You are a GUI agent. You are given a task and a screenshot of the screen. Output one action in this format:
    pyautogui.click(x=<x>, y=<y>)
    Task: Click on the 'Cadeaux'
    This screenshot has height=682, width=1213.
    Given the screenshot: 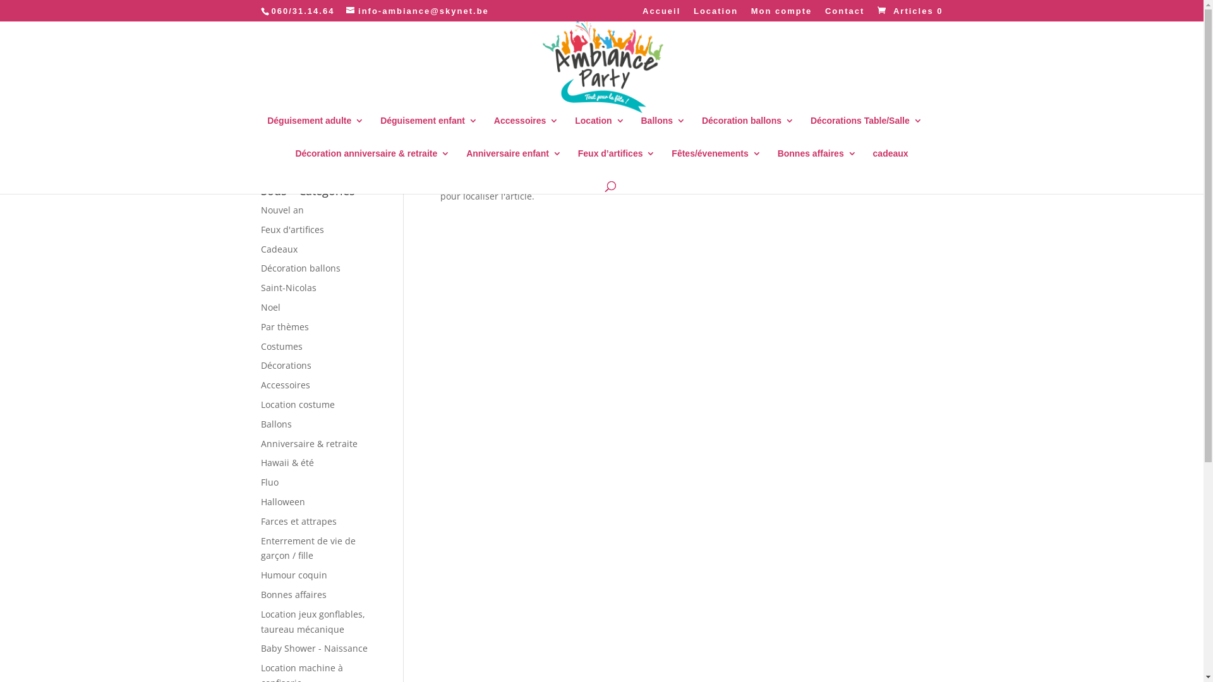 What is the action you would take?
    pyautogui.click(x=260, y=249)
    